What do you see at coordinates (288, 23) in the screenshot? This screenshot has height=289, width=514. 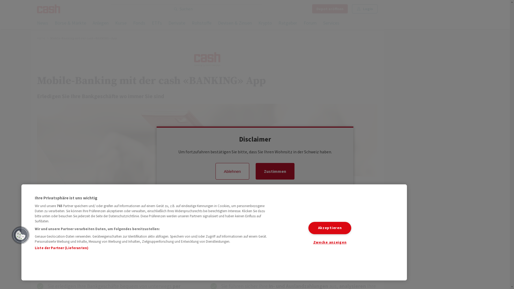 I see `'Ratgeber'` at bounding box center [288, 23].